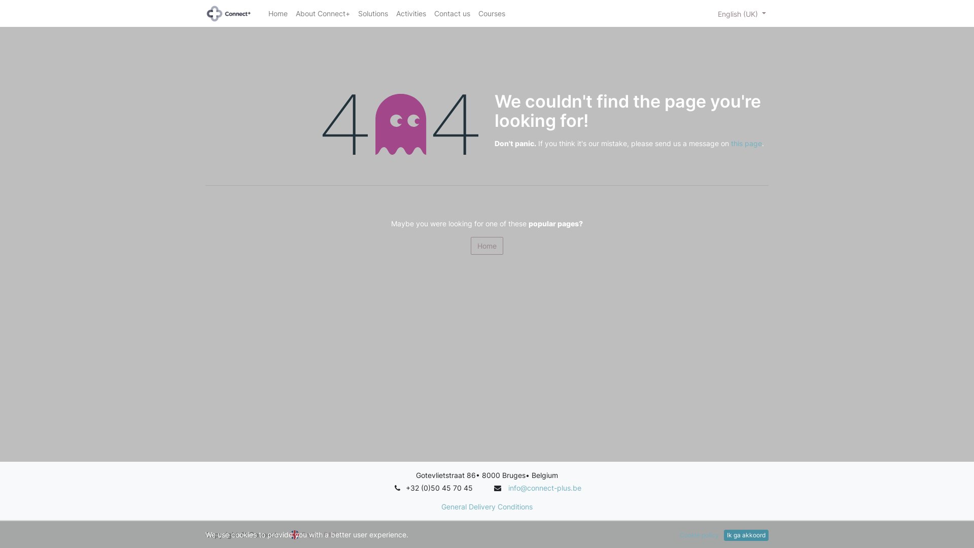  What do you see at coordinates (277, 13) in the screenshot?
I see `'Home'` at bounding box center [277, 13].